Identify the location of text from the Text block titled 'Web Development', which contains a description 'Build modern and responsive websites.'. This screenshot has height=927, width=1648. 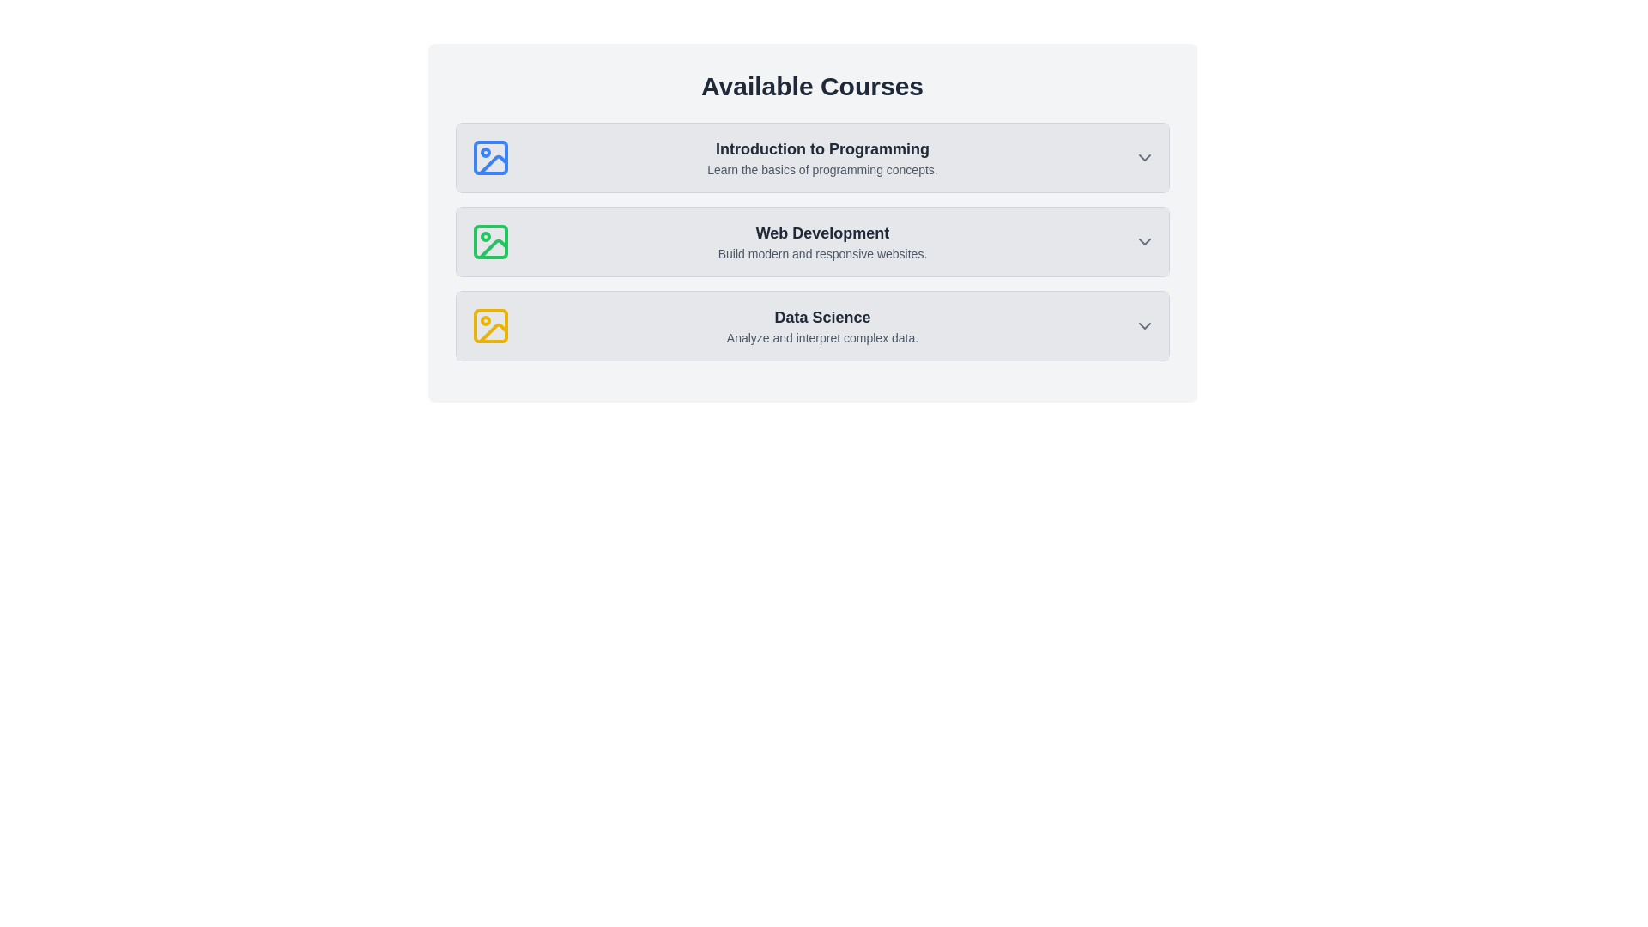
(821, 241).